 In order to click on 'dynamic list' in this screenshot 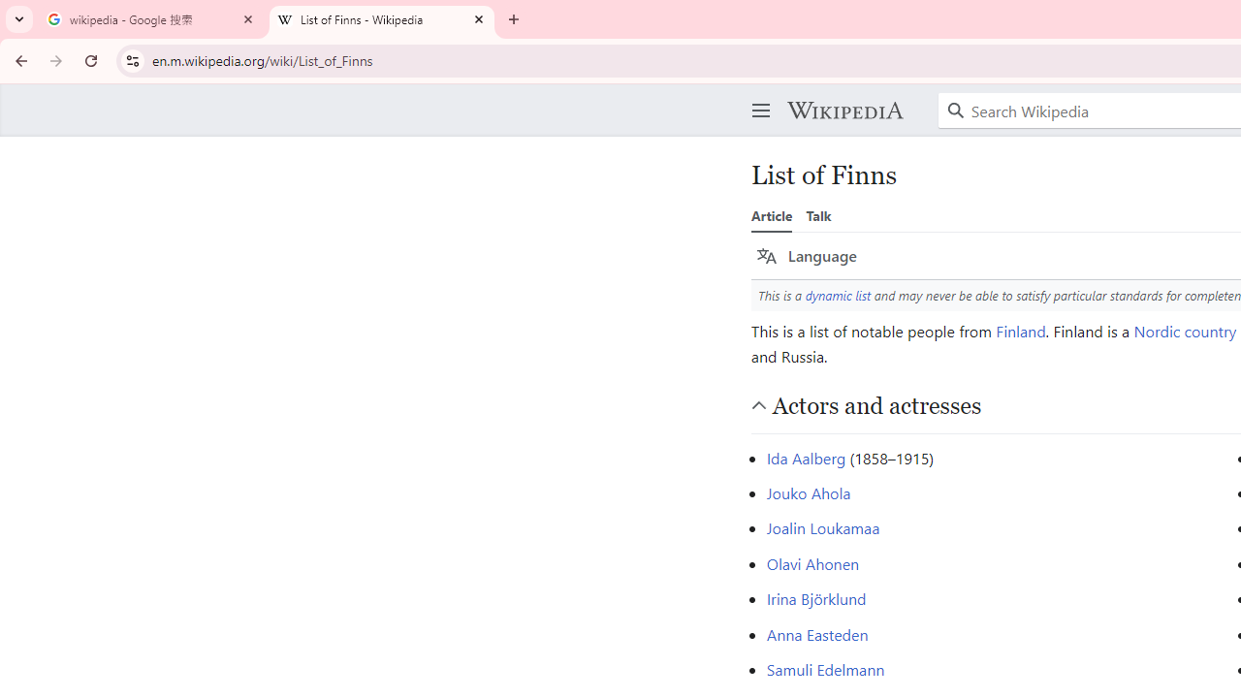, I will do `click(838, 295)`.